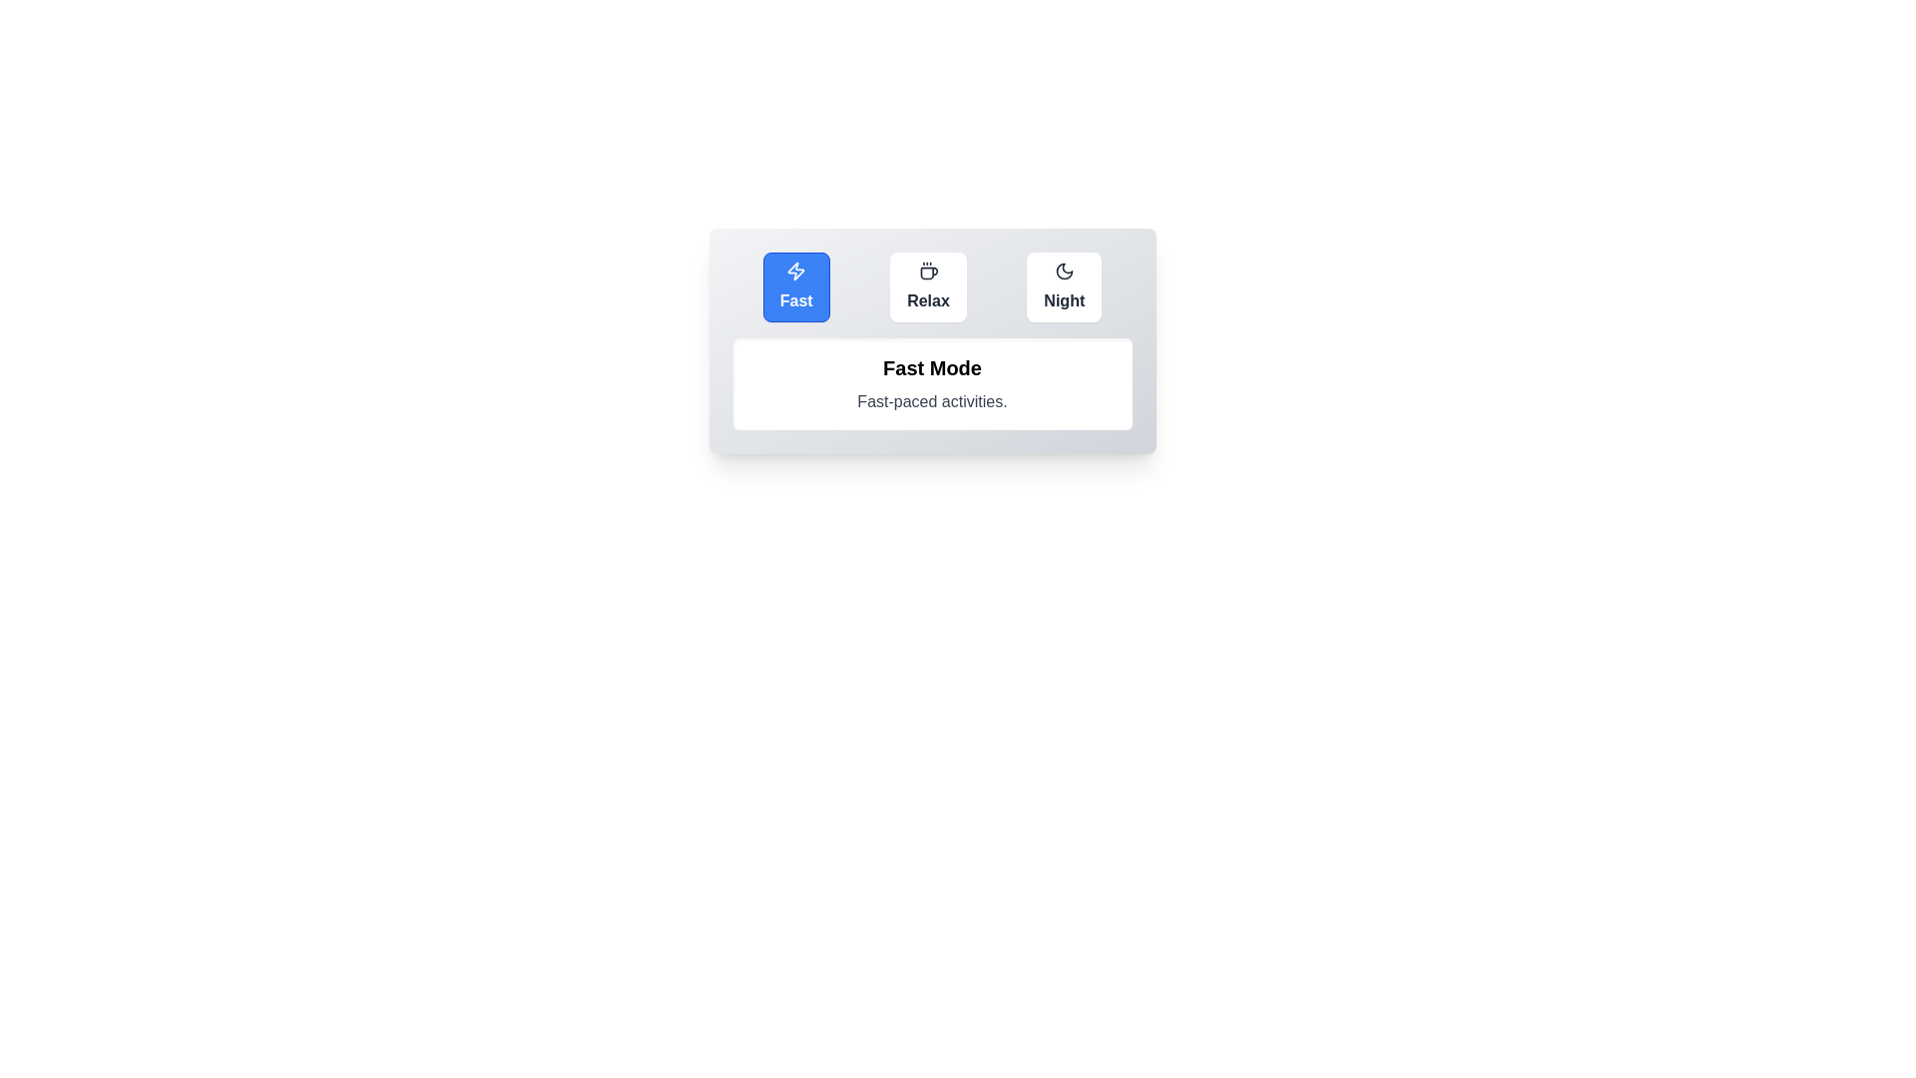 The height and width of the screenshot is (1078, 1916). What do you see at coordinates (931, 401) in the screenshot?
I see `the label containing the text 'Fast-paced activities.' located at the bottom of the card` at bounding box center [931, 401].